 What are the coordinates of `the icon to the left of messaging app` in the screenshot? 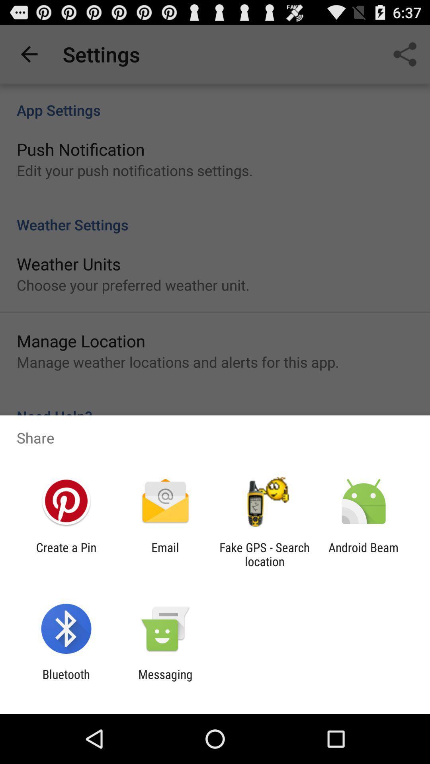 It's located at (66, 681).